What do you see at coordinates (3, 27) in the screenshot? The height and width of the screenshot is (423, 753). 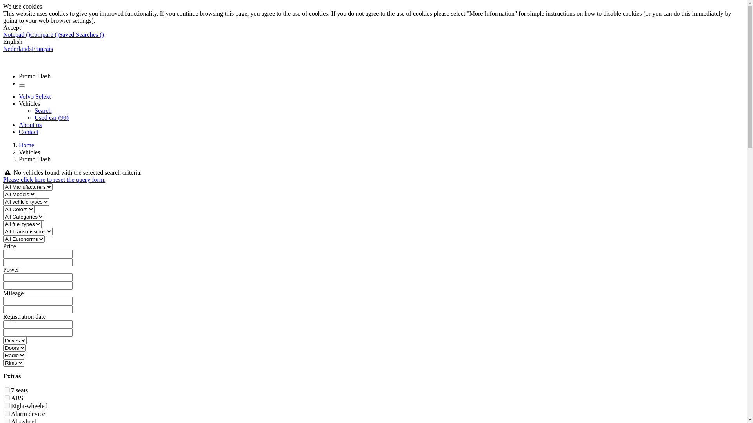 I see `'Accept'` at bounding box center [3, 27].